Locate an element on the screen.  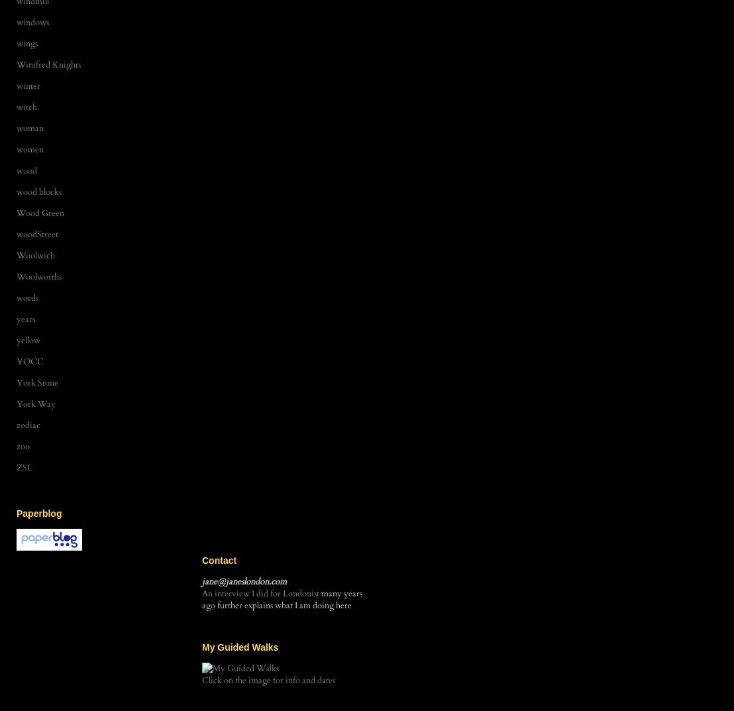
'women' is located at coordinates (30, 149).